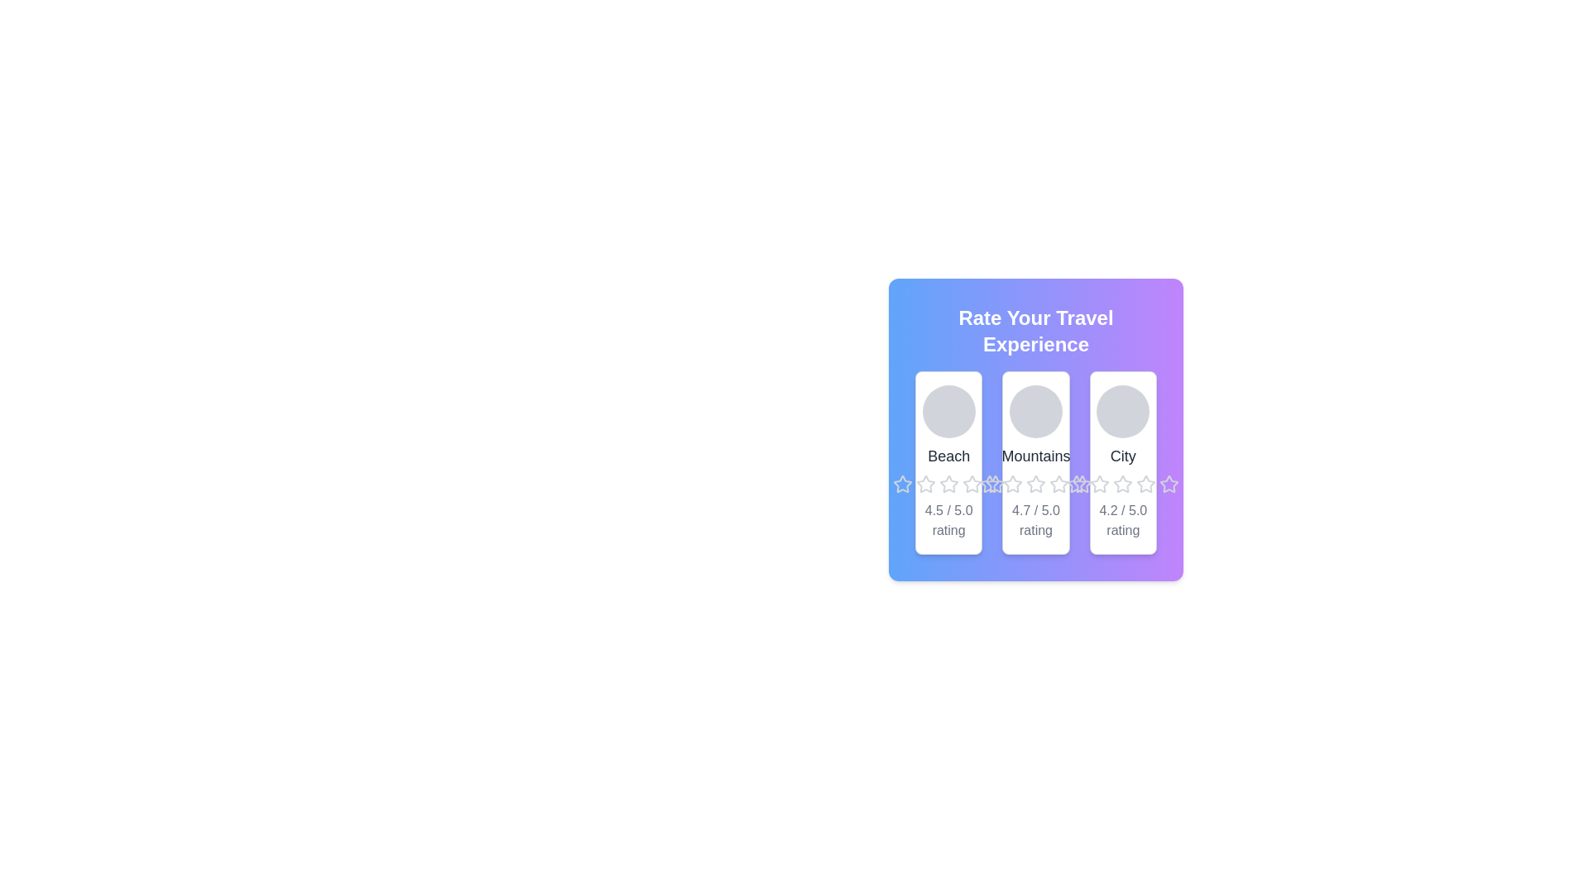  I want to click on numeric rating score from the text label located at the bottom center of the 'City' card, which is beneath the star rating icons, so click(1123, 519).